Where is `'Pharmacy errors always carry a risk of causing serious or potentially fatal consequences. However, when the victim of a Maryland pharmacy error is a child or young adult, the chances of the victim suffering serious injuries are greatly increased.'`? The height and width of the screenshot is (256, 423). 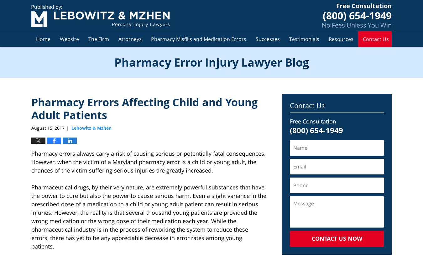 'Pharmacy errors always carry a risk of causing serious or potentially fatal consequences. However, when the victim of a Maryland pharmacy error is a child or young adult, the chances of the victim suffering serious injuries are greatly increased.' is located at coordinates (148, 162).